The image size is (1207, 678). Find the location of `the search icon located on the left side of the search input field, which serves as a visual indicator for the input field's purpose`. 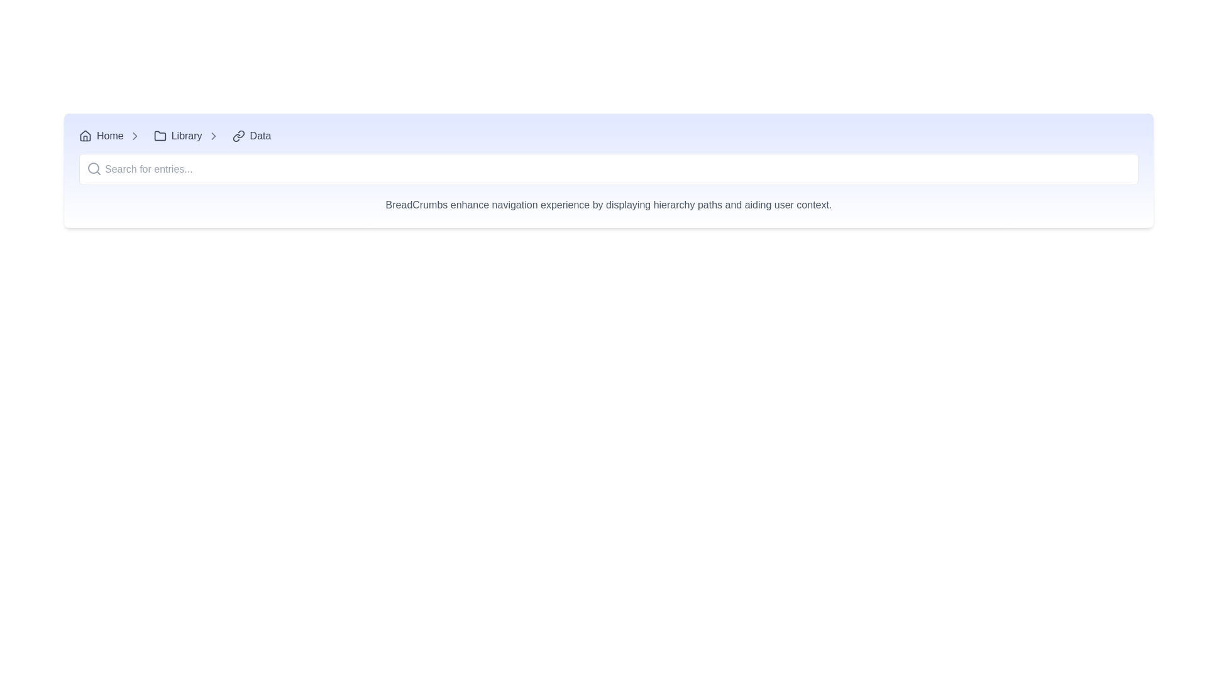

the search icon located on the left side of the search input field, which serves as a visual indicator for the input field's purpose is located at coordinates (93, 168).